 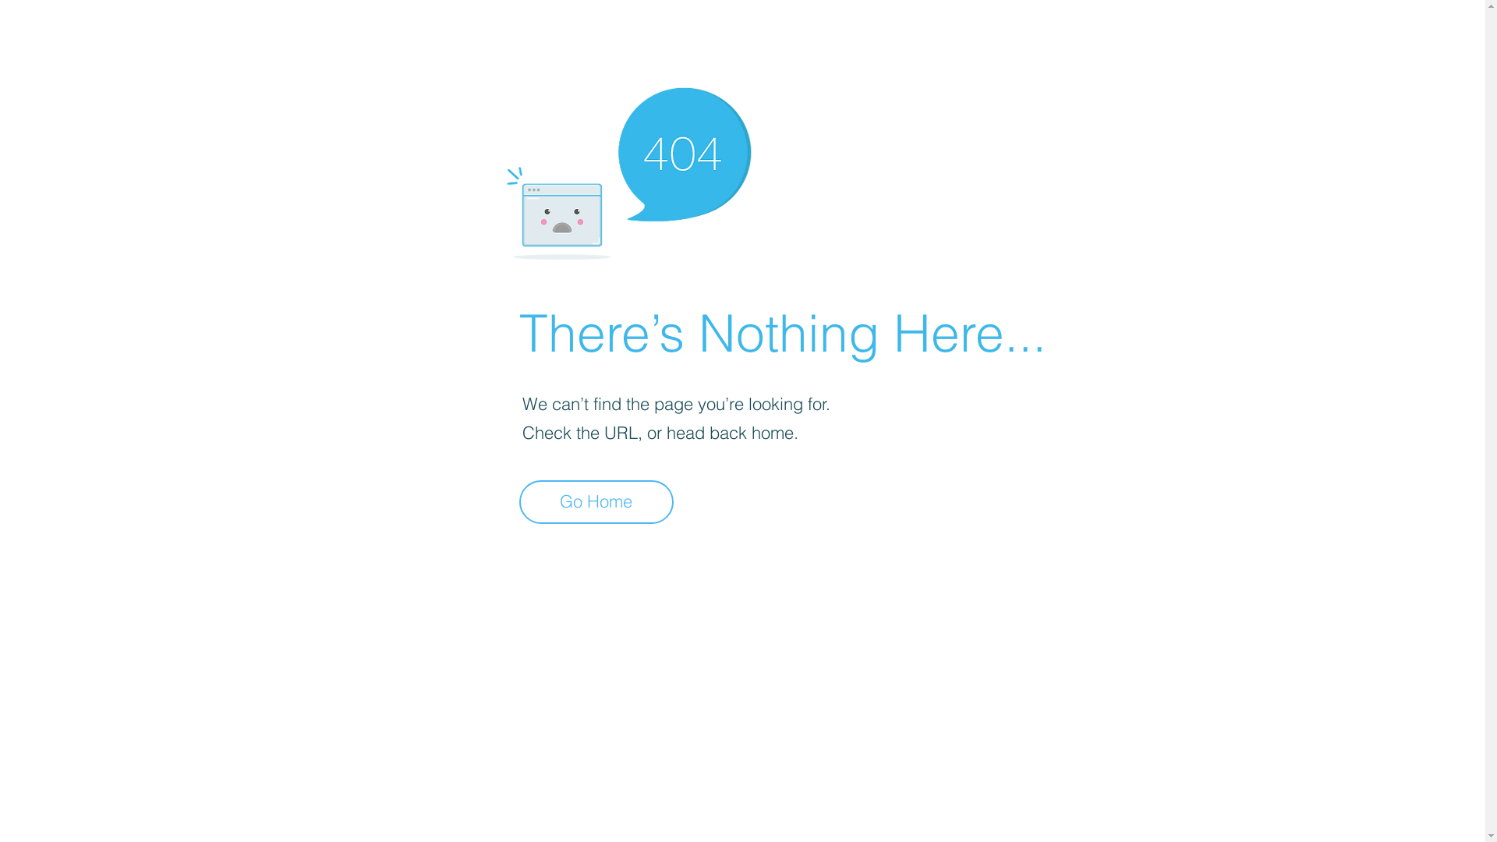 What do you see at coordinates (628, 169) in the screenshot?
I see `'404-icon_2.png'` at bounding box center [628, 169].